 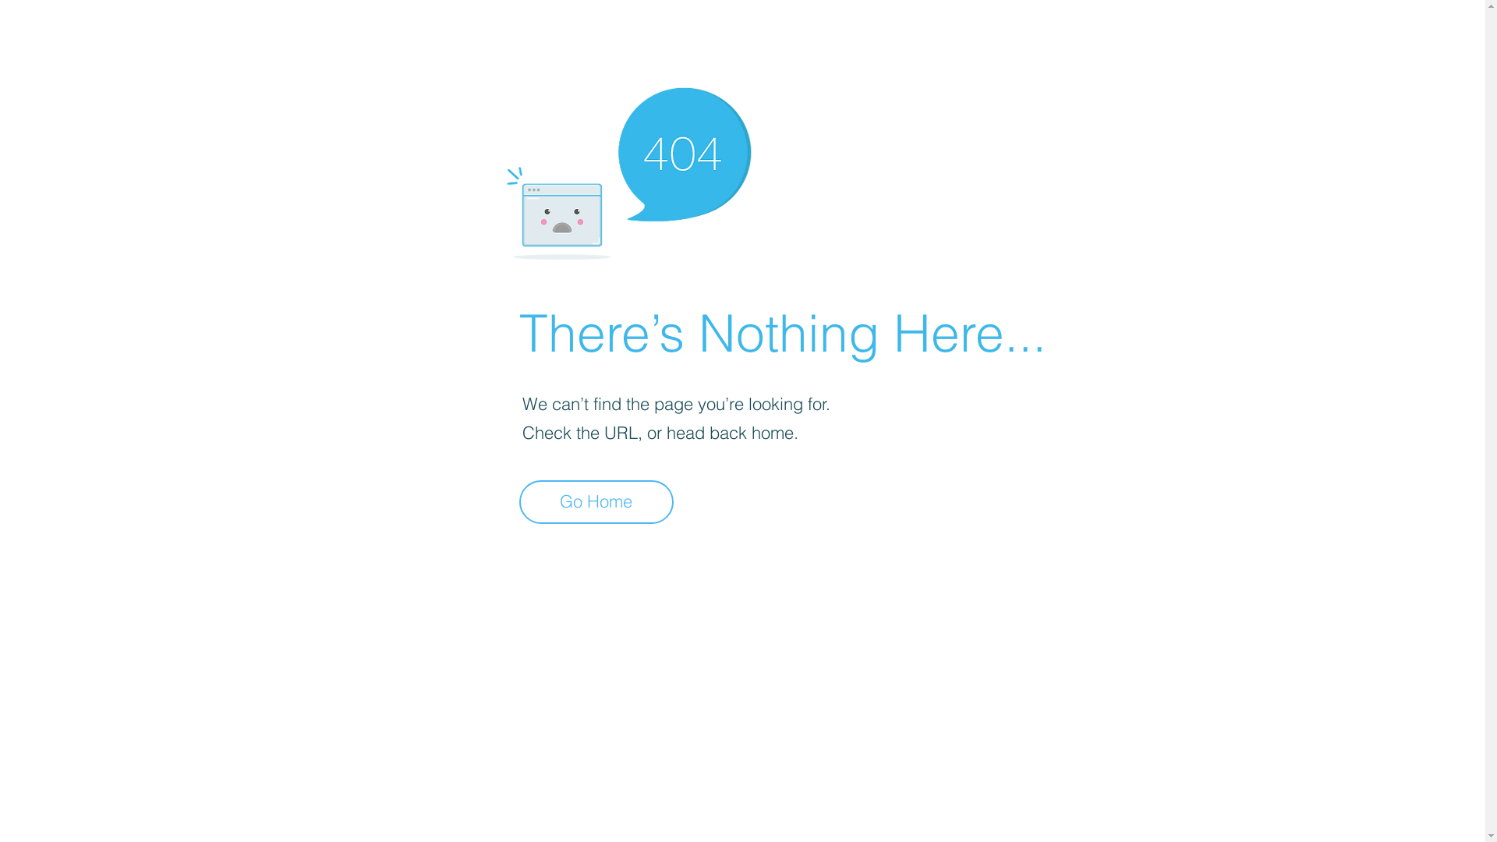 What do you see at coordinates (628, 169) in the screenshot?
I see `'404-icon_2.png'` at bounding box center [628, 169].